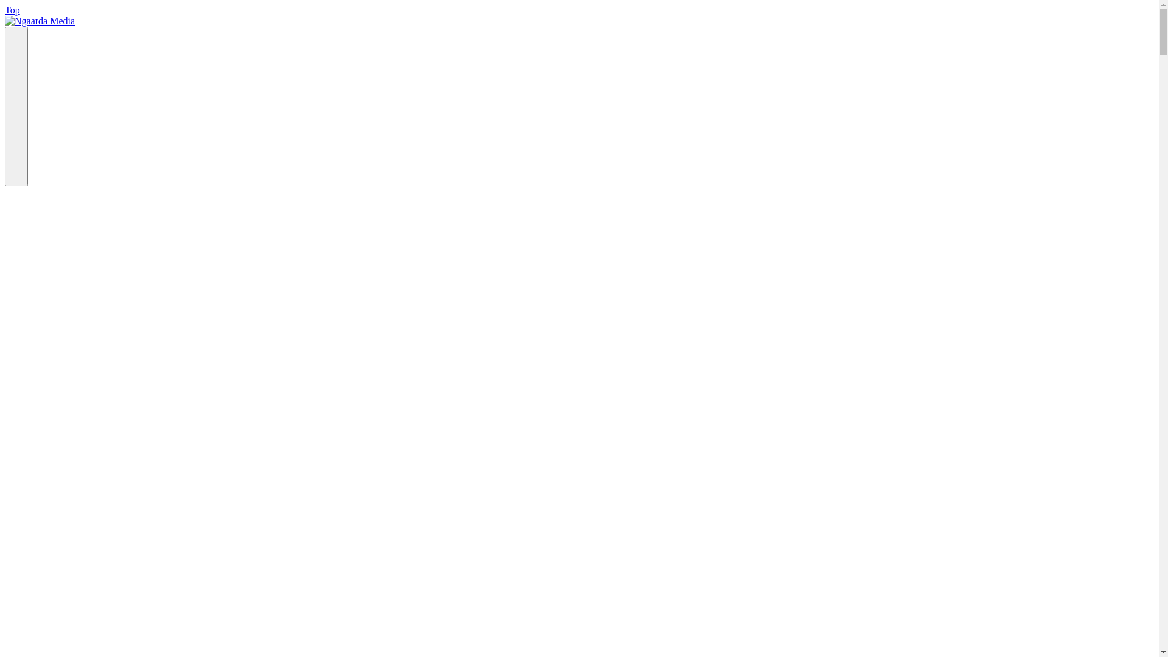  Describe the element at coordinates (12, 10) in the screenshot. I see `'Top'` at that location.